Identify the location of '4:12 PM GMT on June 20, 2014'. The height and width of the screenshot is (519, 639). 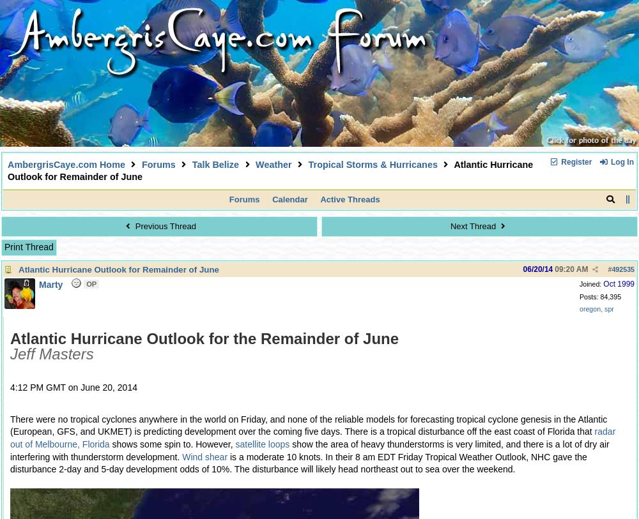
(73, 387).